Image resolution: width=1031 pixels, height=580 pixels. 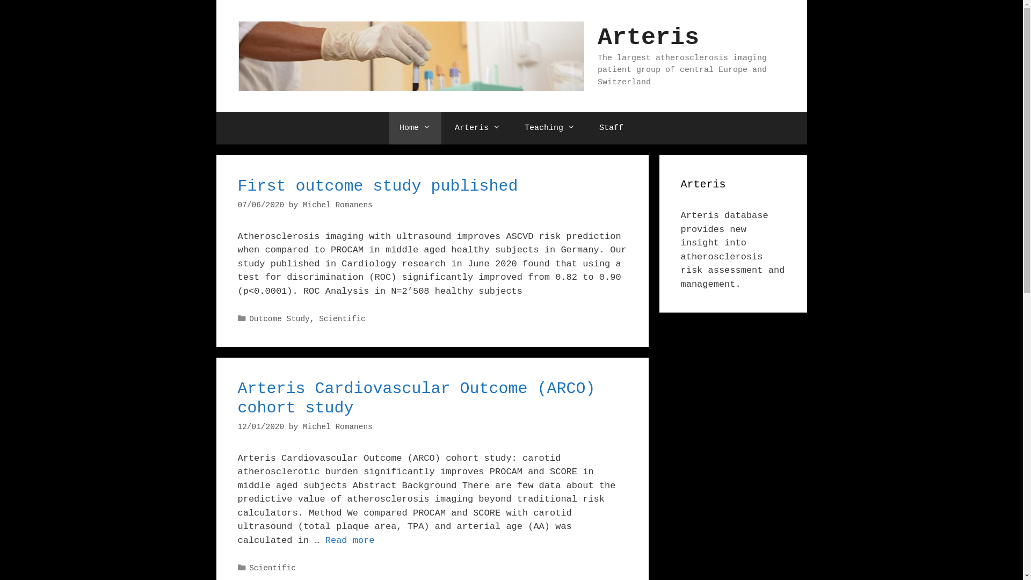 What do you see at coordinates (414, 128) in the screenshot?
I see `'Home'` at bounding box center [414, 128].